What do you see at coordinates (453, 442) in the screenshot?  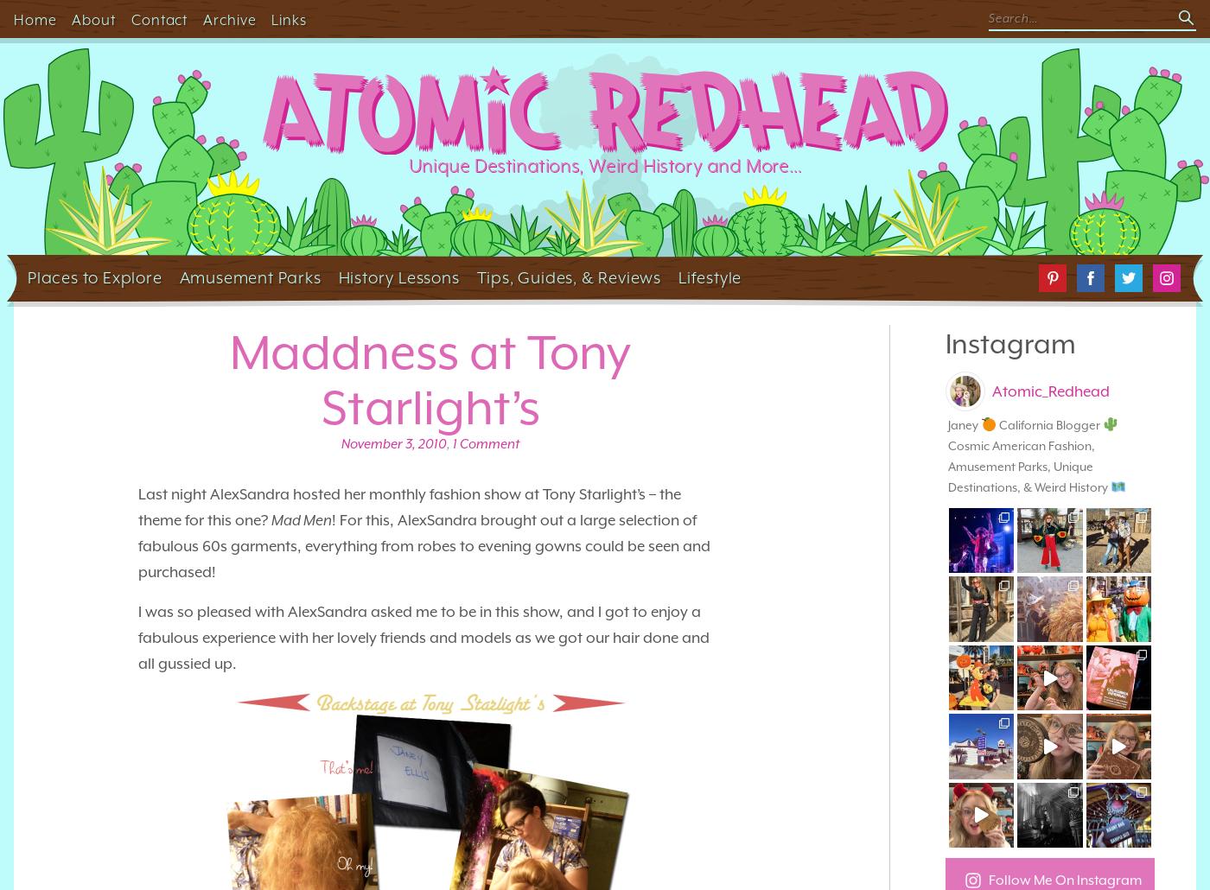 I see `'1 Comment'` at bounding box center [453, 442].